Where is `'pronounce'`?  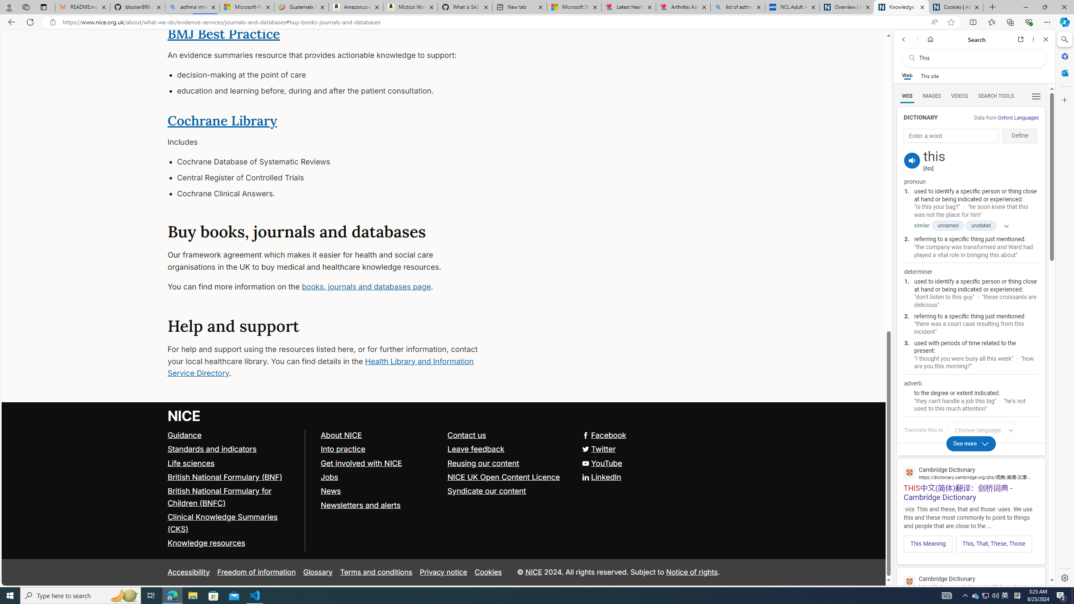
'pronounce' is located at coordinates (912, 160).